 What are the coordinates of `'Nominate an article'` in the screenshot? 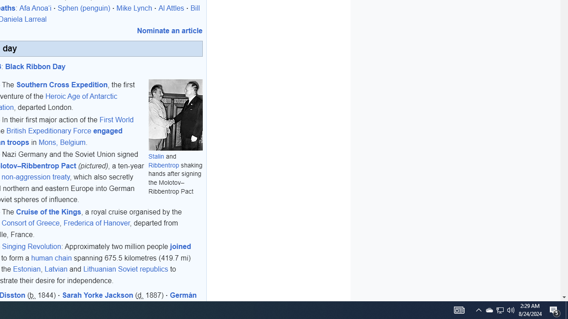 It's located at (170, 30).